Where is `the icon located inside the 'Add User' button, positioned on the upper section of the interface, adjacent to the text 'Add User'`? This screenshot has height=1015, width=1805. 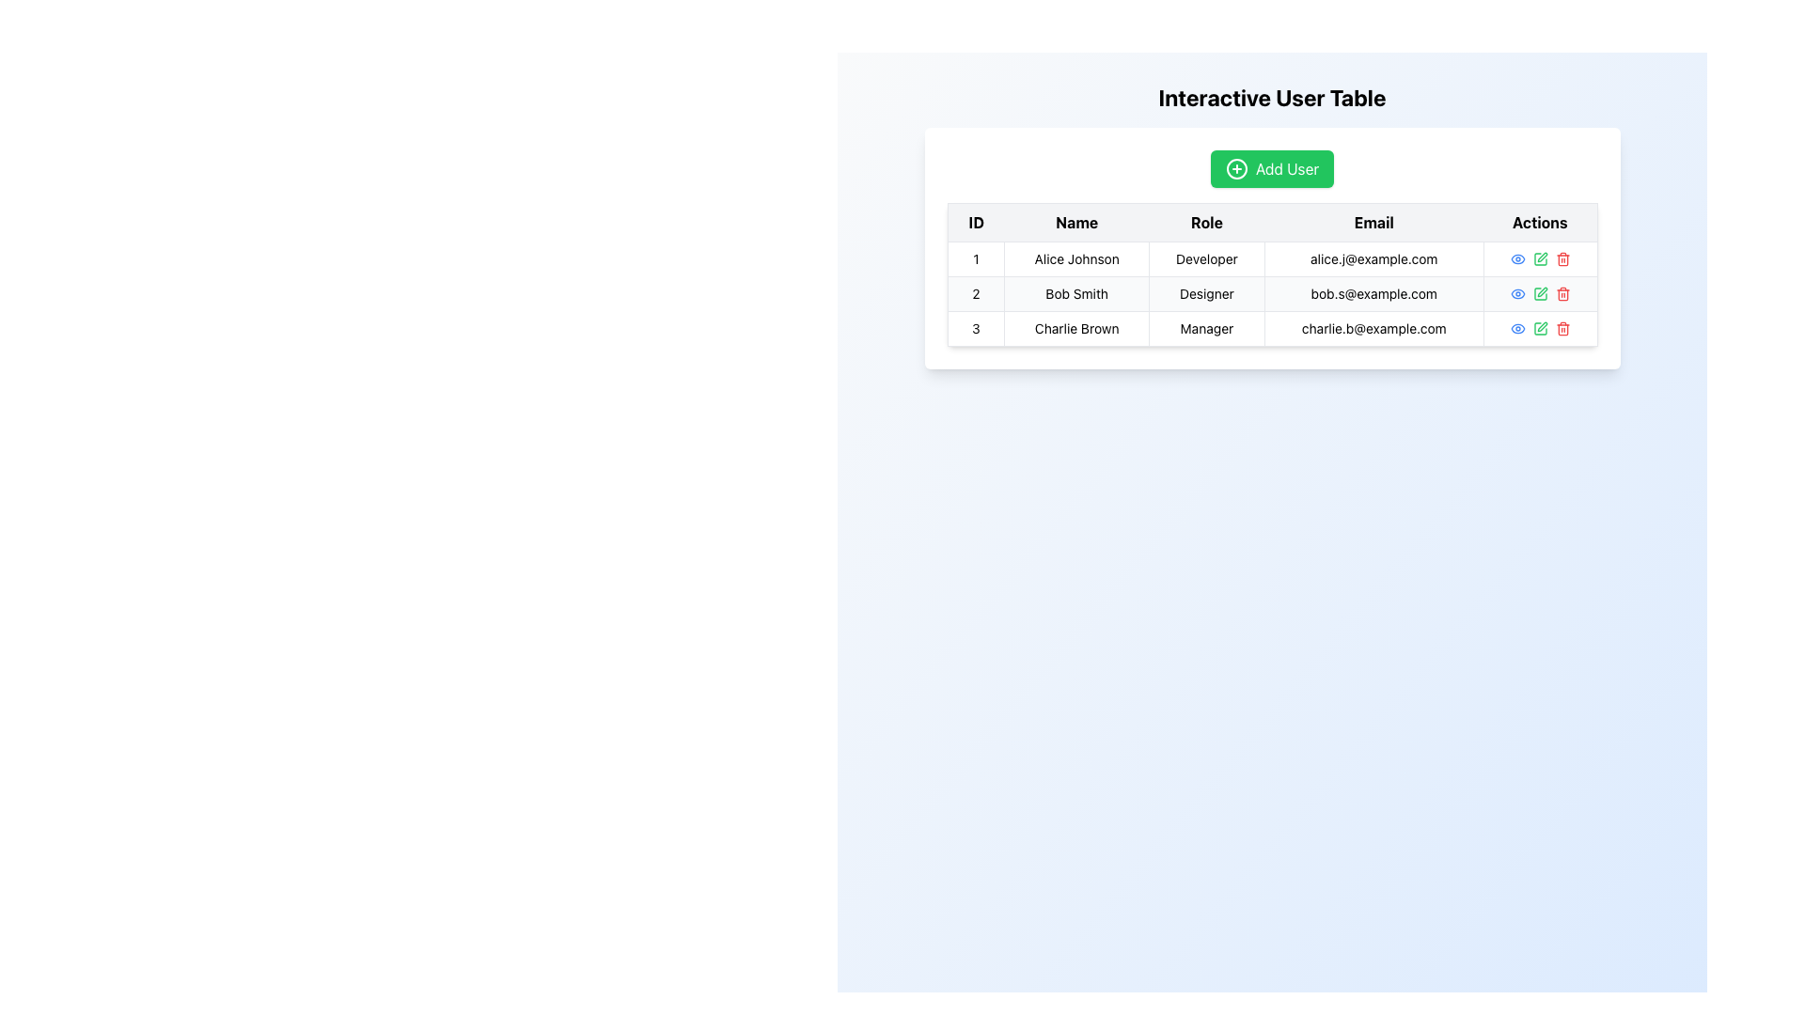 the icon located inside the 'Add User' button, positioned on the upper section of the interface, adjacent to the text 'Add User' is located at coordinates (1236, 169).